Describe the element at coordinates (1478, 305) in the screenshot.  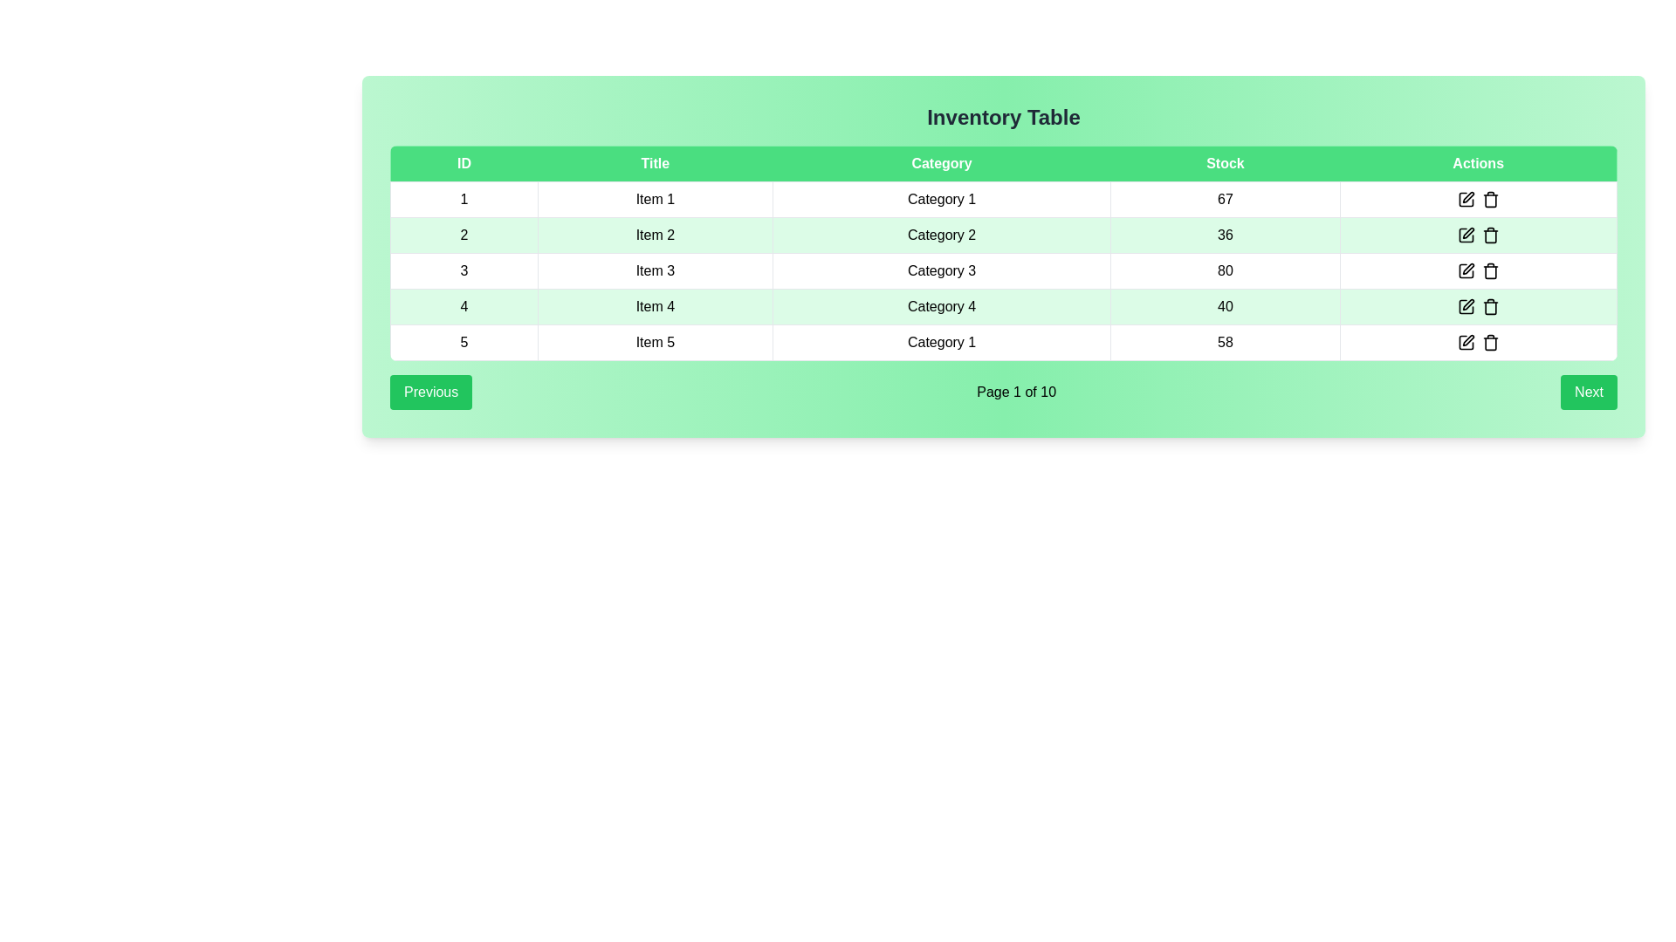
I see `the delete button located at the far-right end of the row corresponding to the fourth item in the table under the 'Actions' column` at that location.